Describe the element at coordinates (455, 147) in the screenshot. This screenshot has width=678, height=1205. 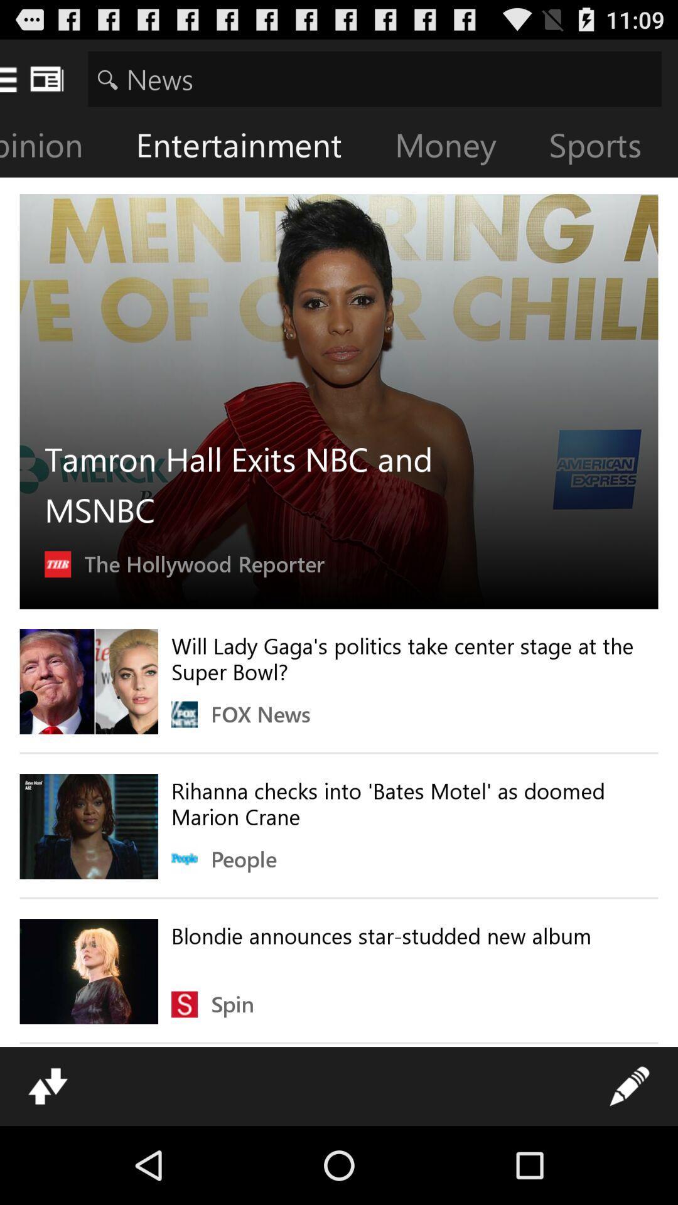
I see `the item to the left of the sports item` at that location.